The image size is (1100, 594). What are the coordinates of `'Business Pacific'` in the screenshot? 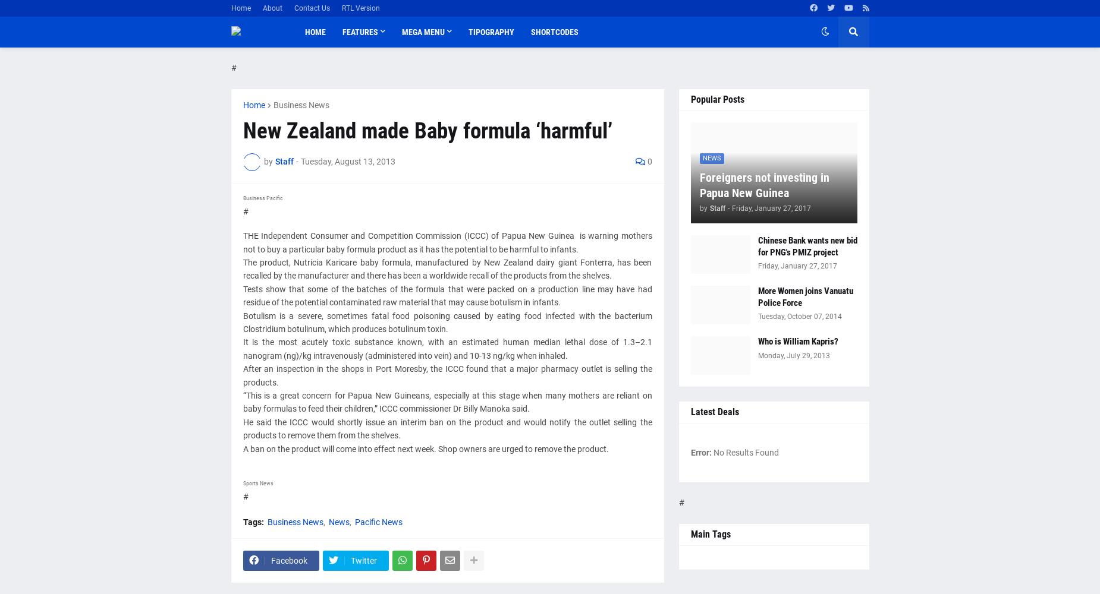 It's located at (262, 197).